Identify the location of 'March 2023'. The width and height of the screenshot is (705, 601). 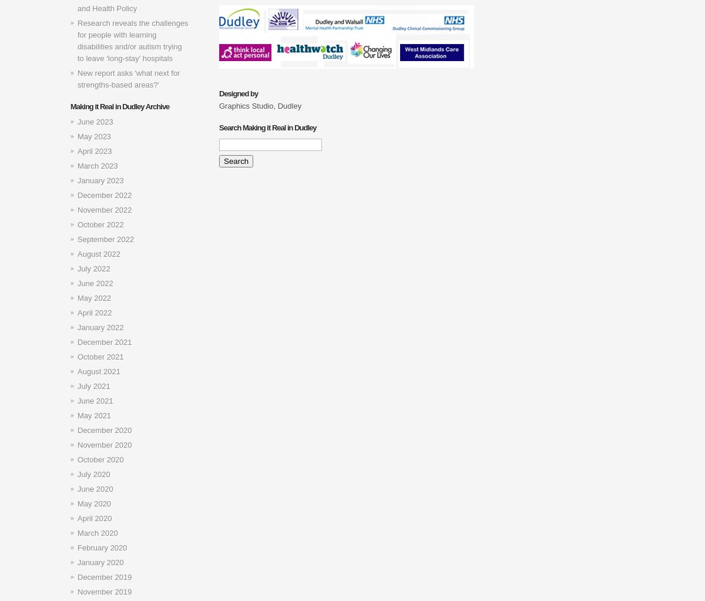
(96, 165).